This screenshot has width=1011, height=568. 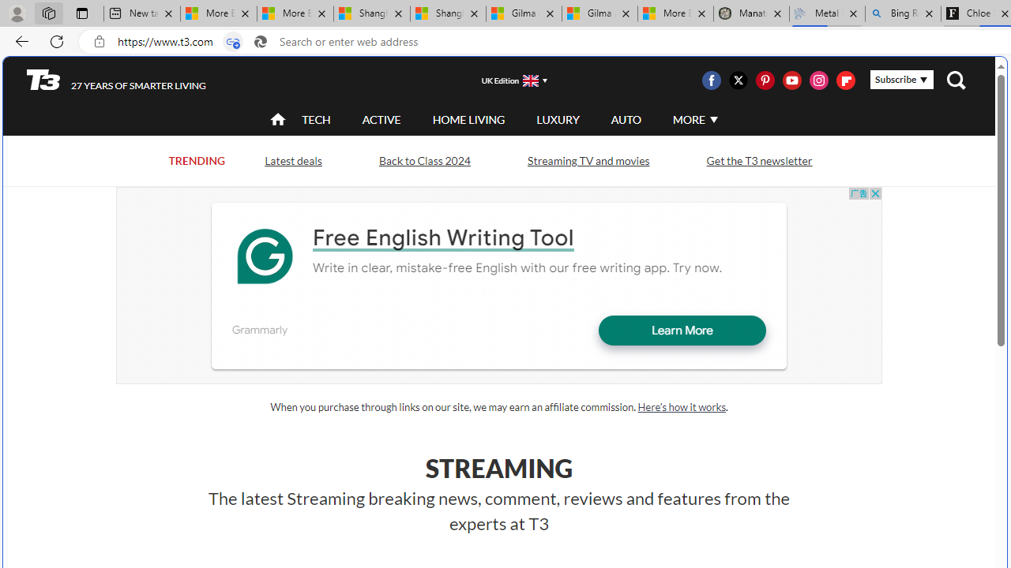 I want to click on 'LUXURY', so click(x=557, y=118).